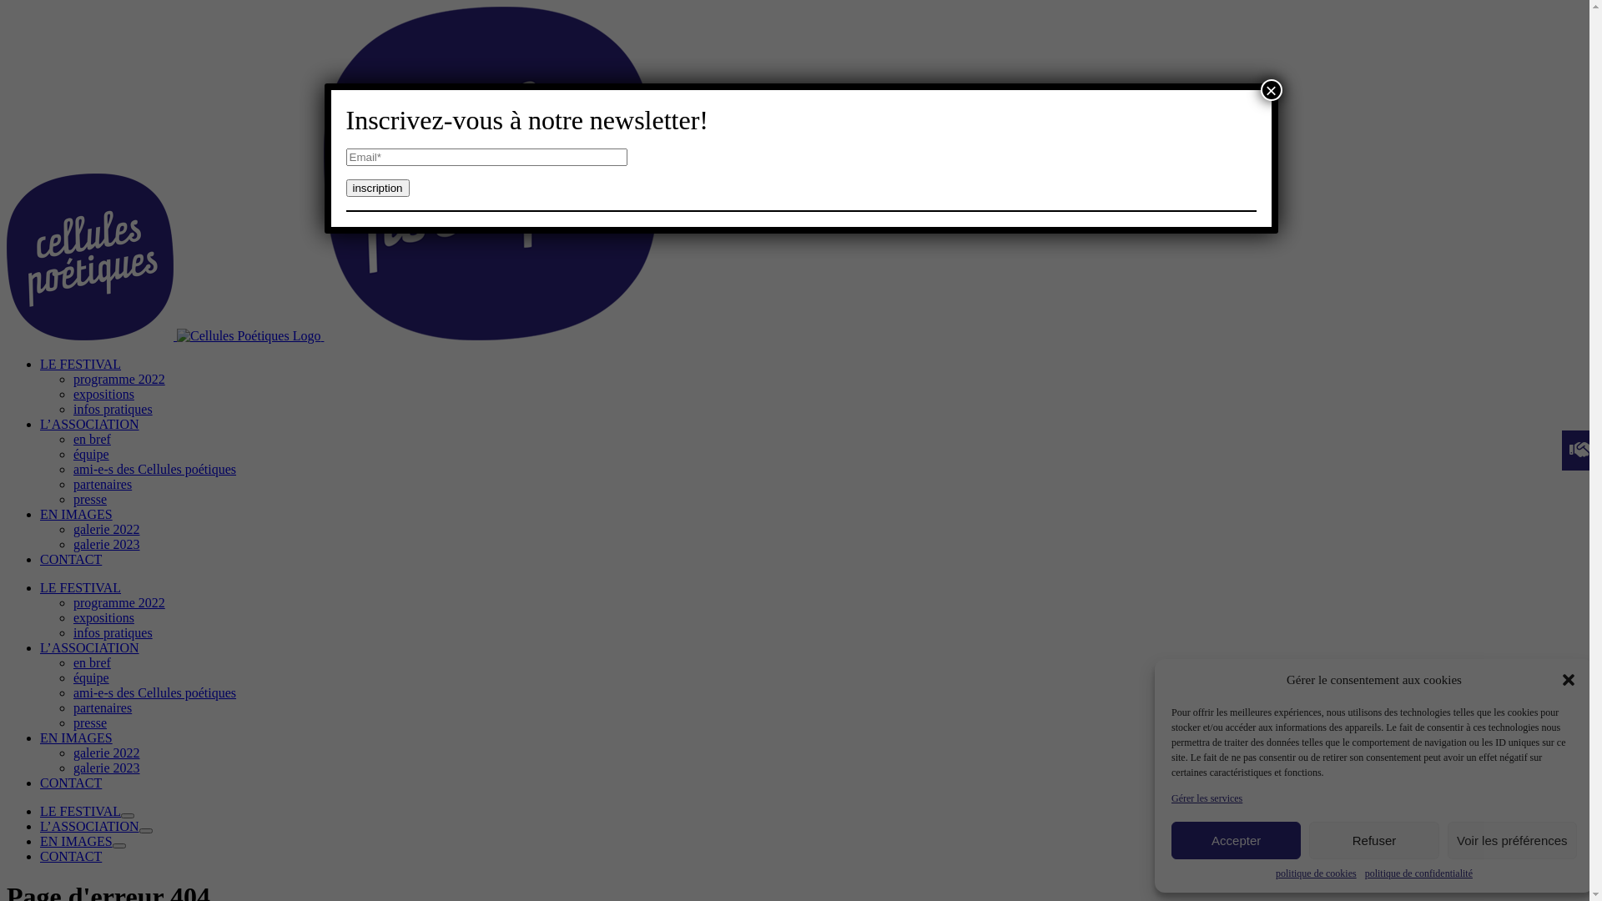 The image size is (1602, 901). What do you see at coordinates (1373, 840) in the screenshot?
I see `'Refuser'` at bounding box center [1373, 840].